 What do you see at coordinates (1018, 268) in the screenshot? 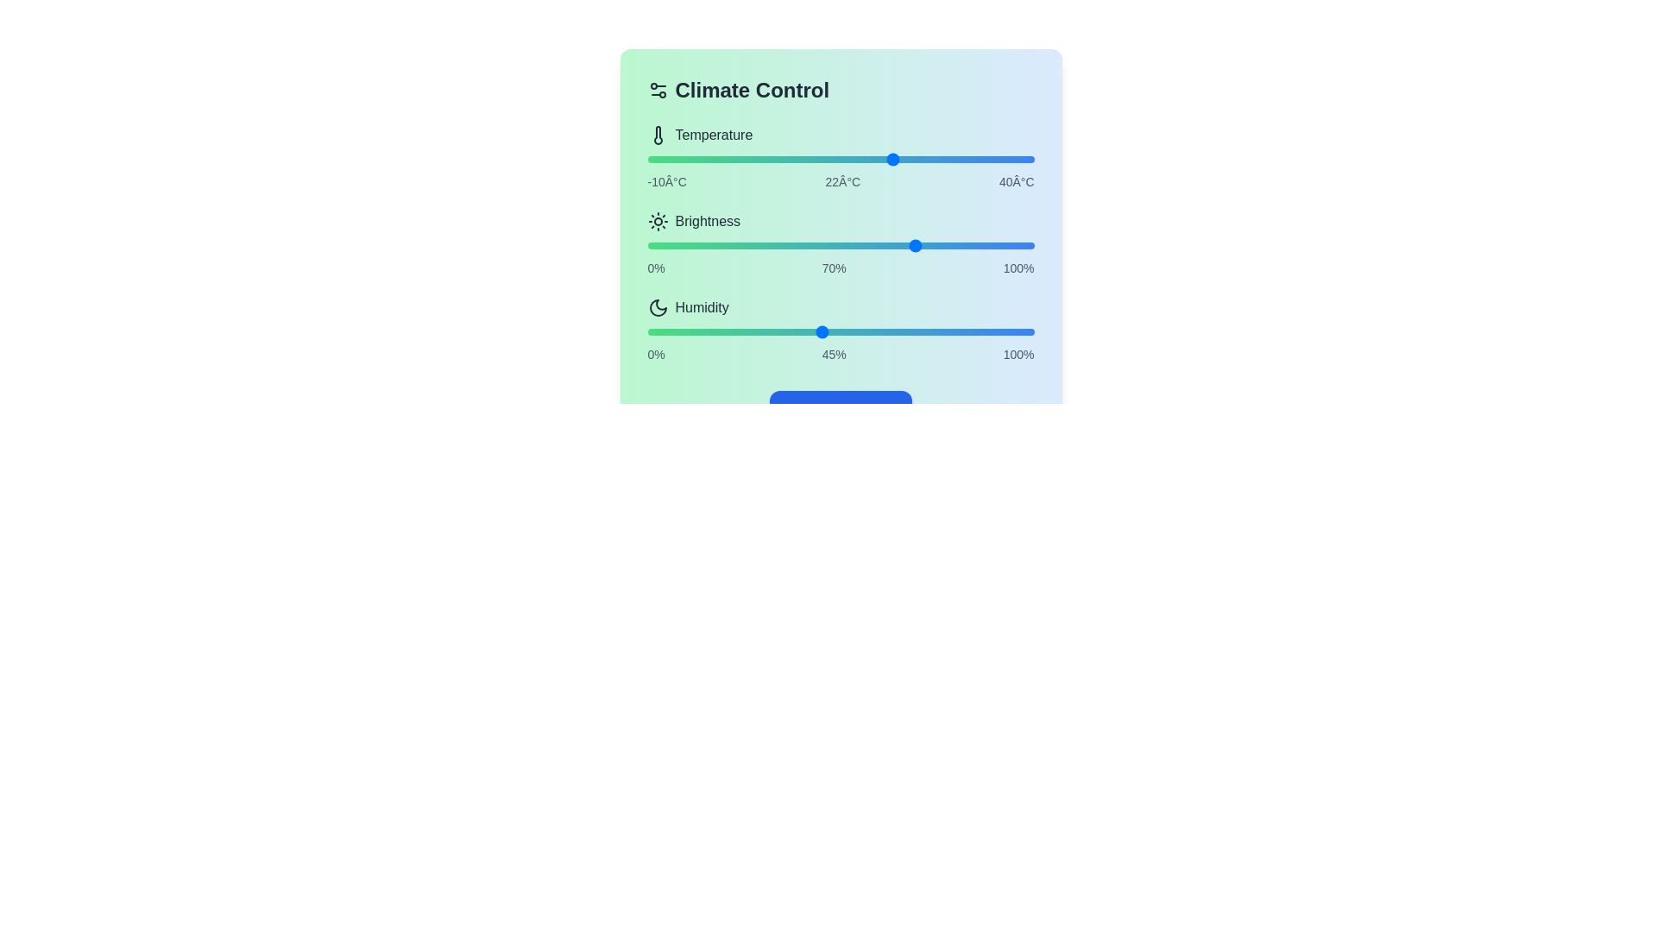
I see `text label displaying '100%' which is styled in gray and is the rightmost label in the group of three labels below the brightness adjustment slider` at bounding box center [1018, 268].